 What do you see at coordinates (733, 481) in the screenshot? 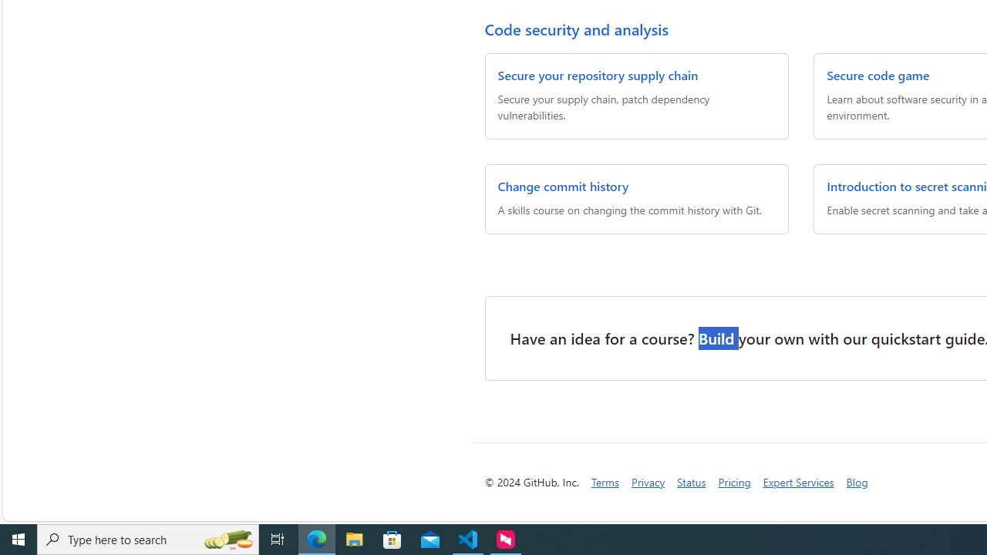
I see `'Pricing'` at bounding box center [733, 481].